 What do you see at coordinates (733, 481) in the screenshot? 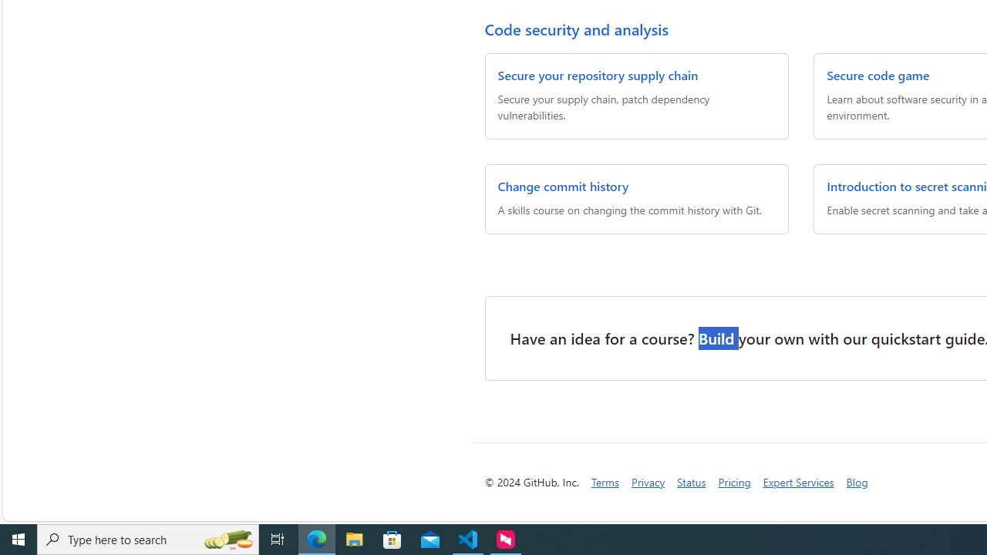
I see `'Pricing'` at bounding box center [733, 481].